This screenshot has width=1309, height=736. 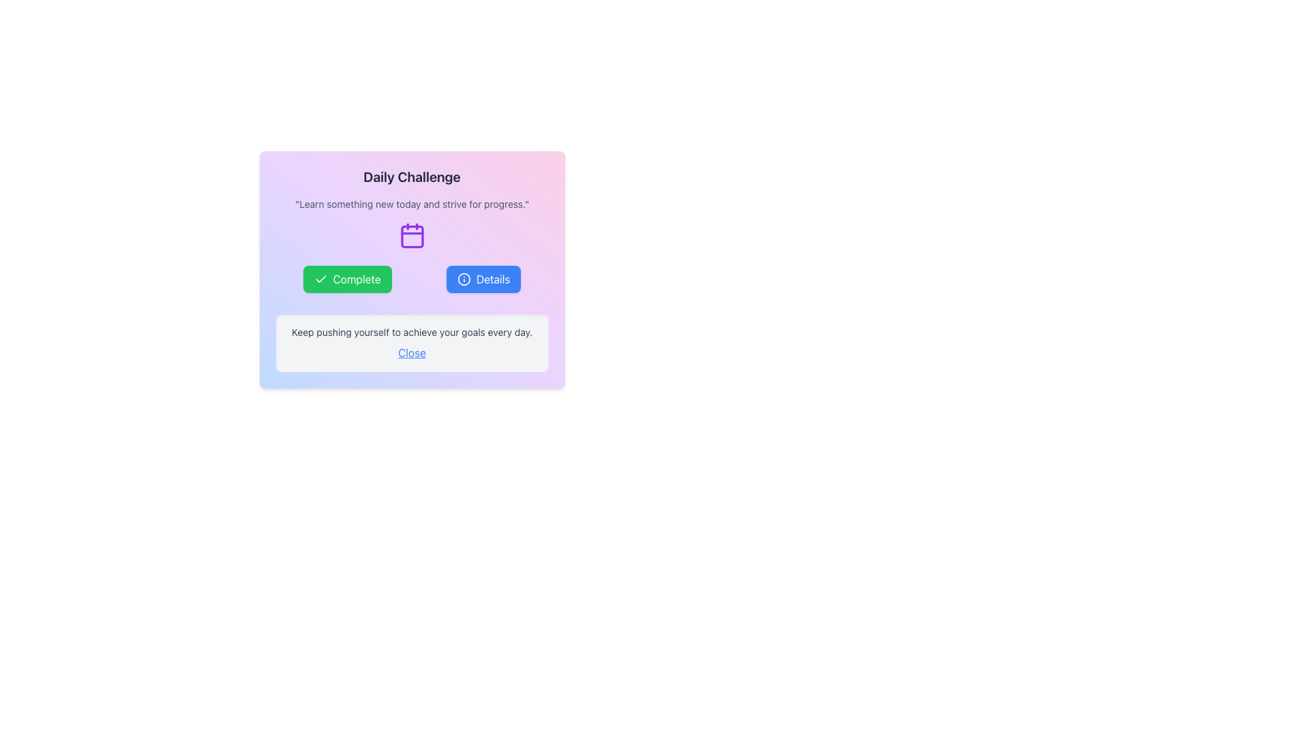 I want to click on the 'Details' button with a blue background and white text, located under the title 'Daily Challenge' in the modal box, so click(x=483, y=278).